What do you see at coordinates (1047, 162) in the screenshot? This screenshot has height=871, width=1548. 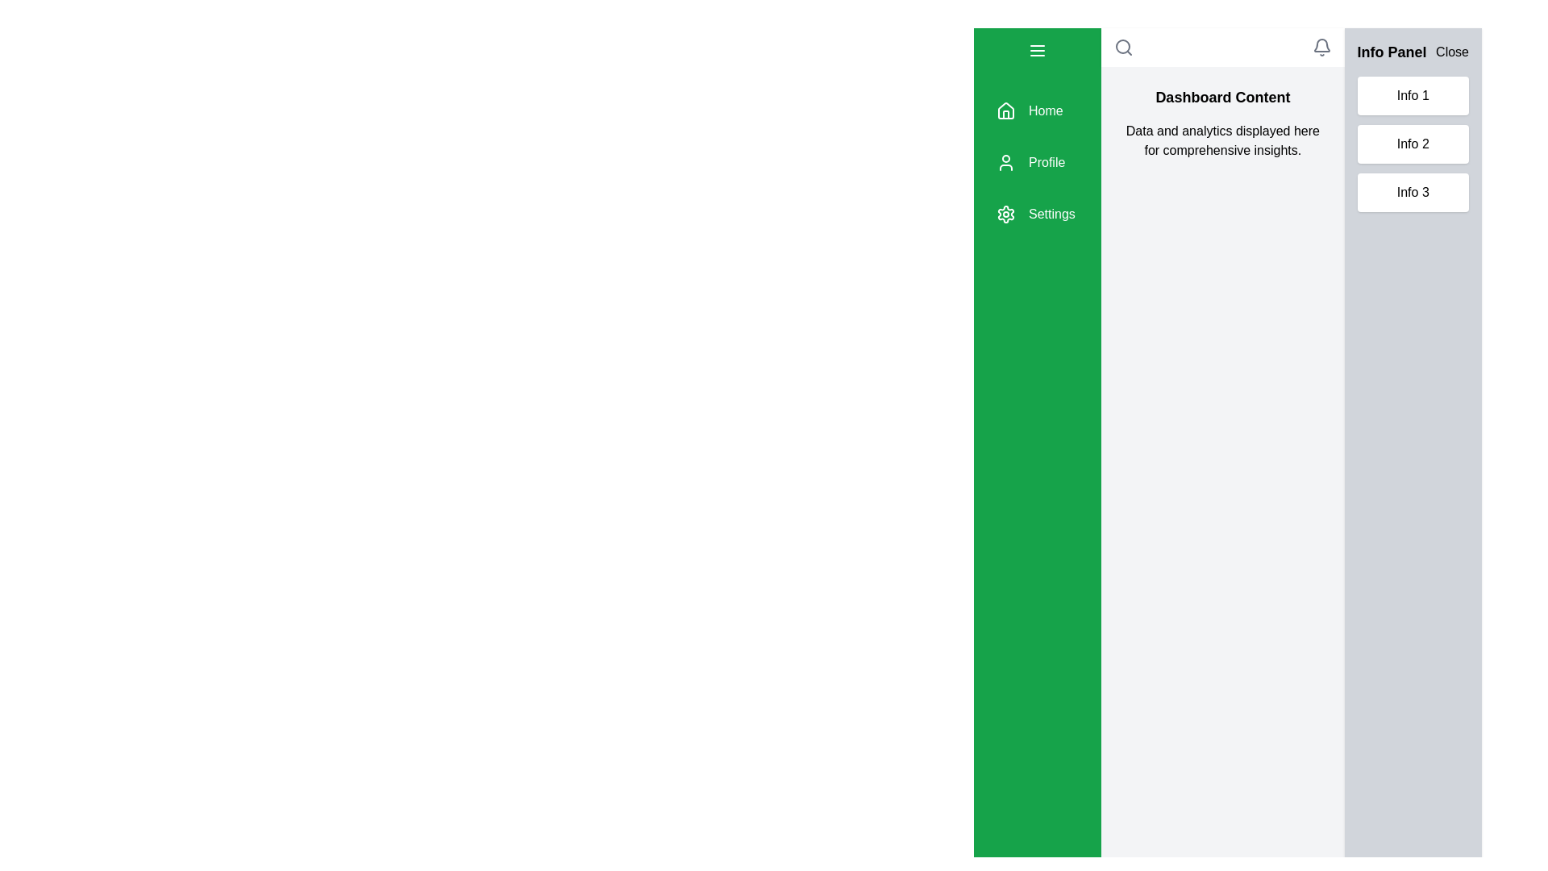 I see `the 'Profile' text label located in the vertical sidebar, which is the second item in the list, positioned above 'Settings' and below 'Home'` at bounding box center [1047, 162].